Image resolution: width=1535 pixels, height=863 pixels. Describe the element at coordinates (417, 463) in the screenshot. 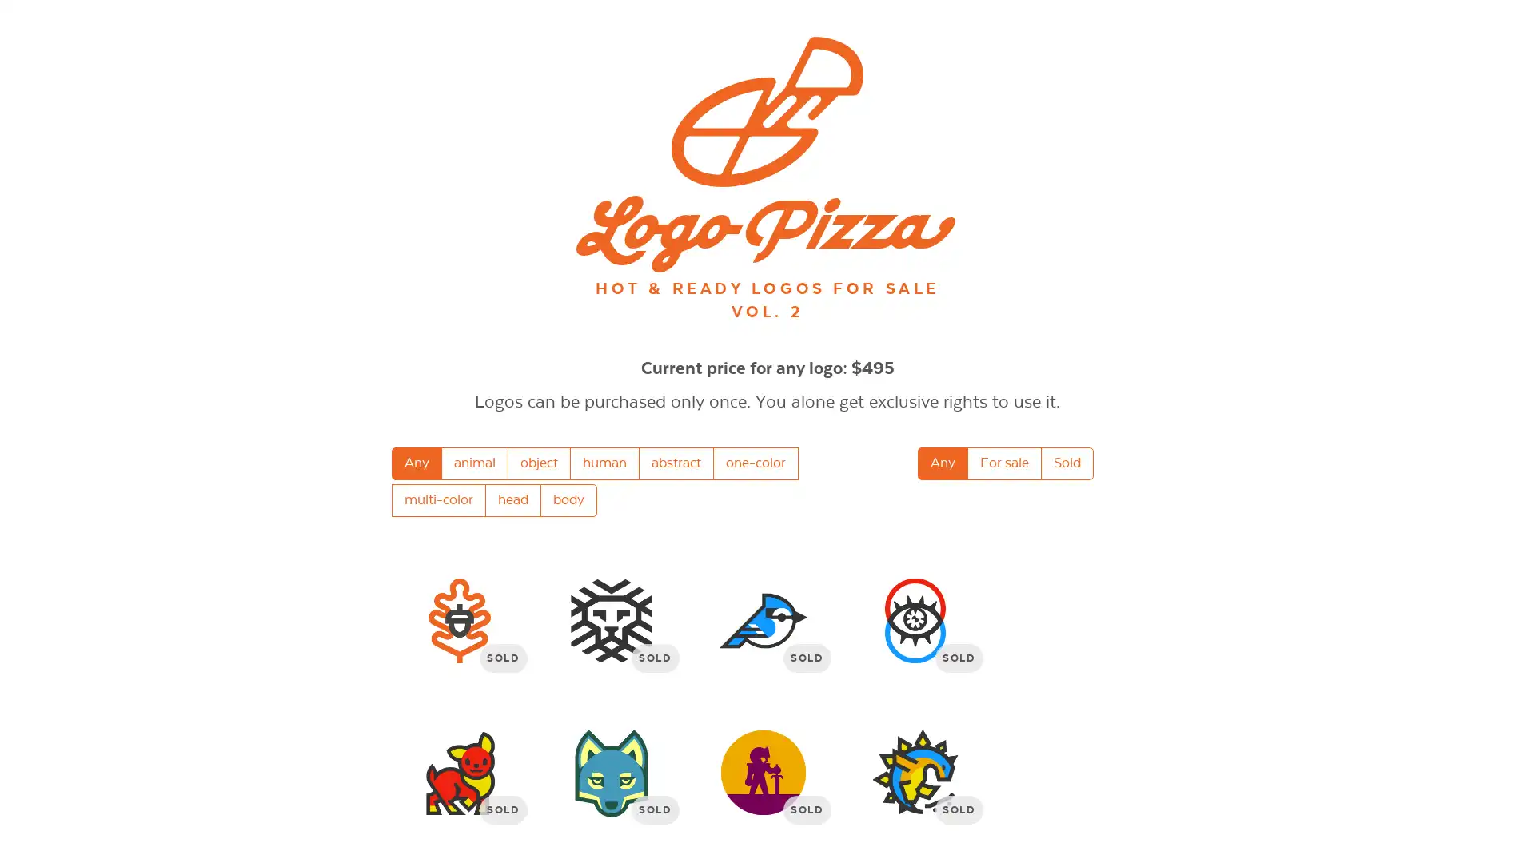

I see `Any` at that location.